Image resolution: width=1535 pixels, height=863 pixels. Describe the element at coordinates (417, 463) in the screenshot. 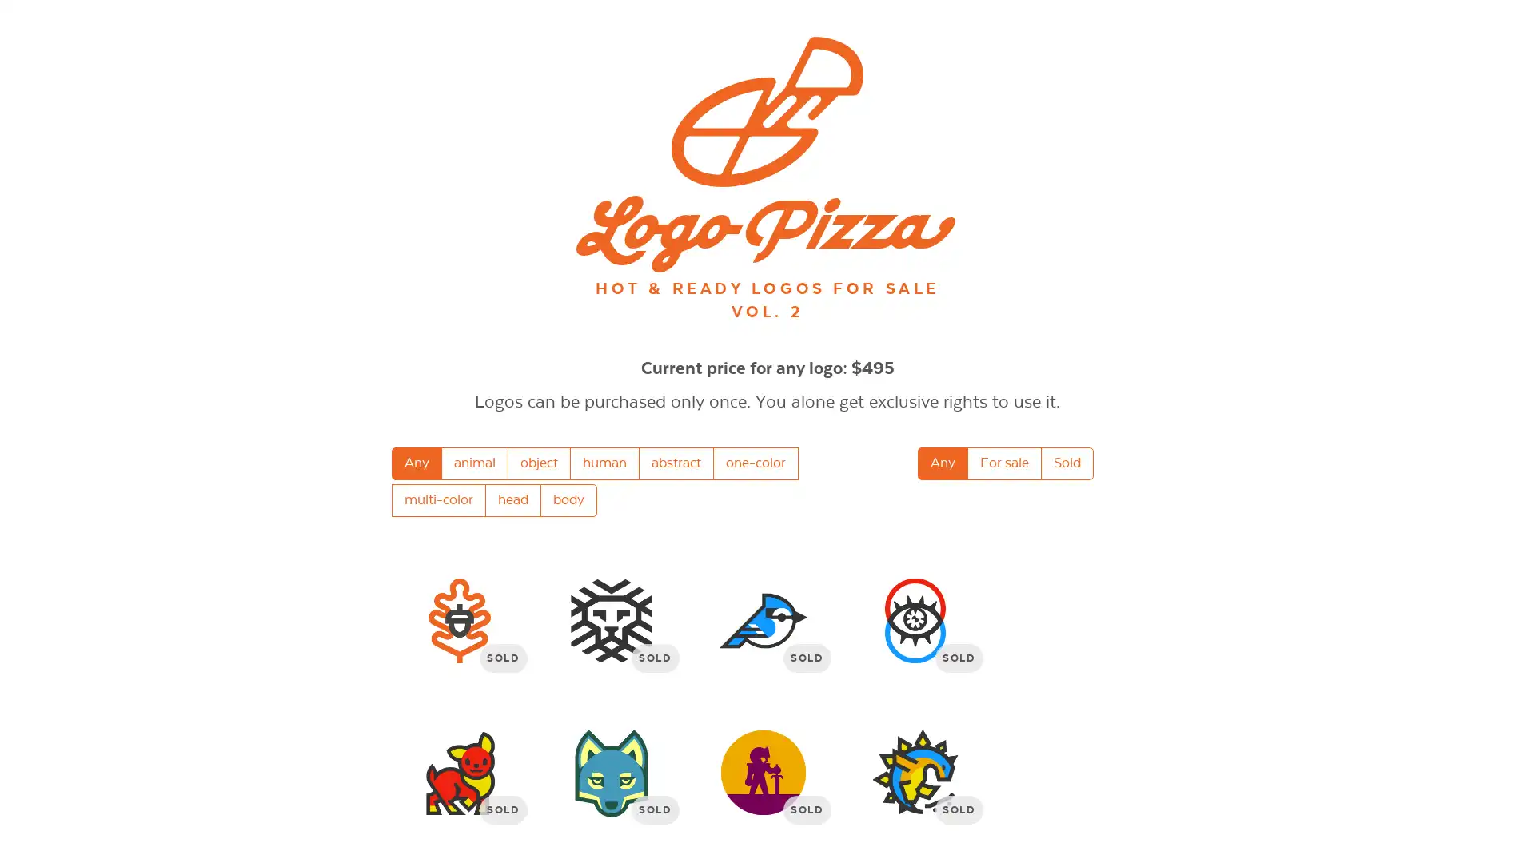

I see `Any` at that location.